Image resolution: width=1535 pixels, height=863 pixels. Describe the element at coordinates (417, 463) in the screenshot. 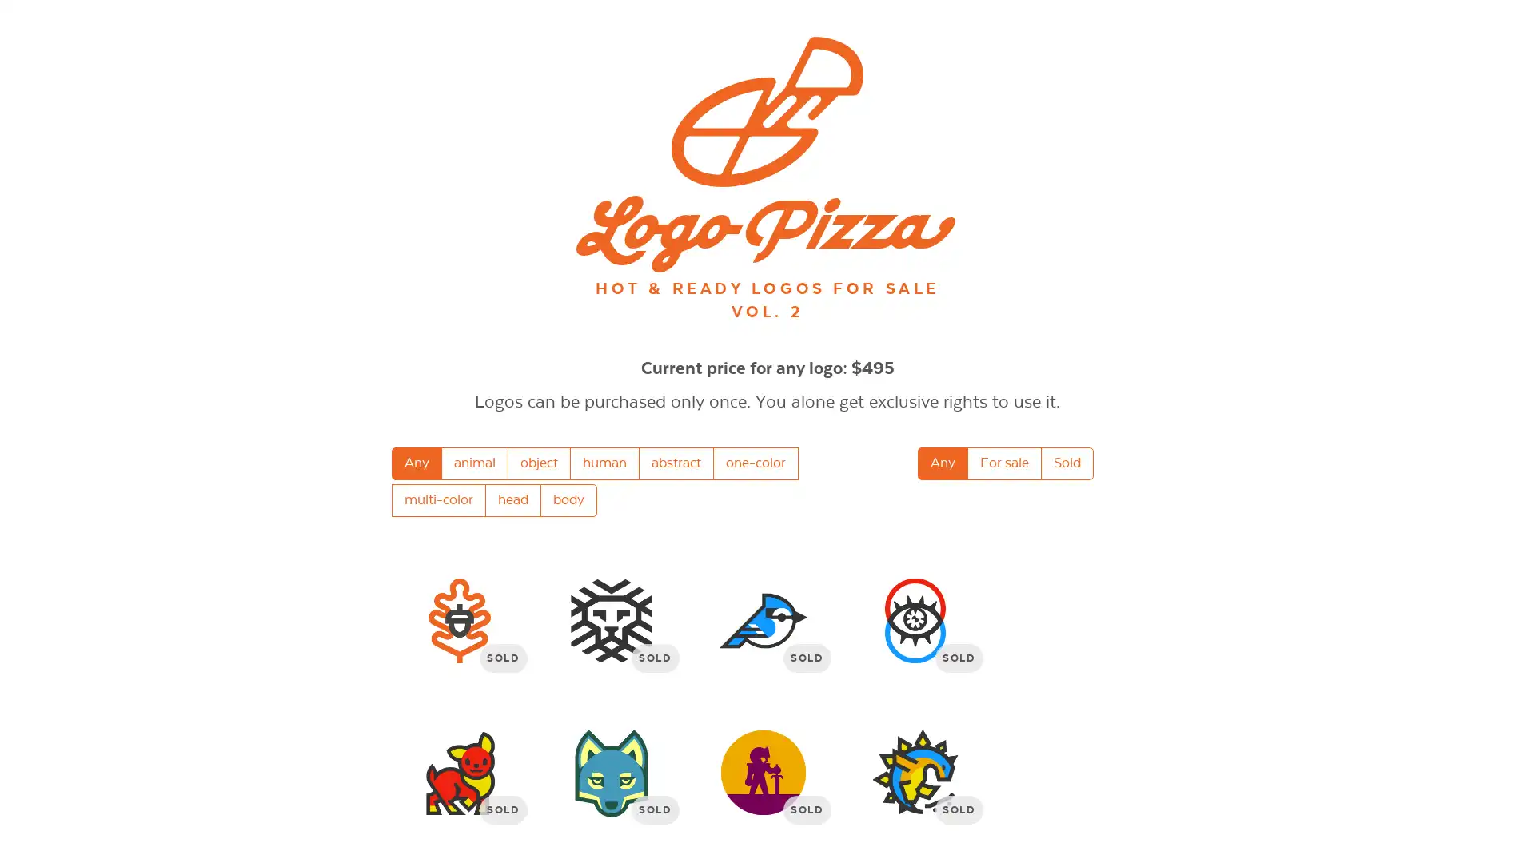

I see `Any` at that location.